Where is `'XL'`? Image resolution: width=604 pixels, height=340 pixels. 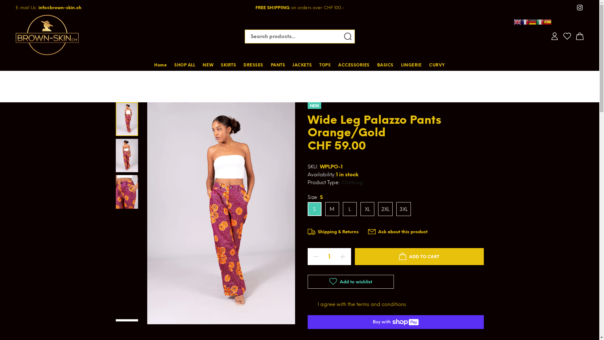 'XL' is located at coordinates (367, 209).